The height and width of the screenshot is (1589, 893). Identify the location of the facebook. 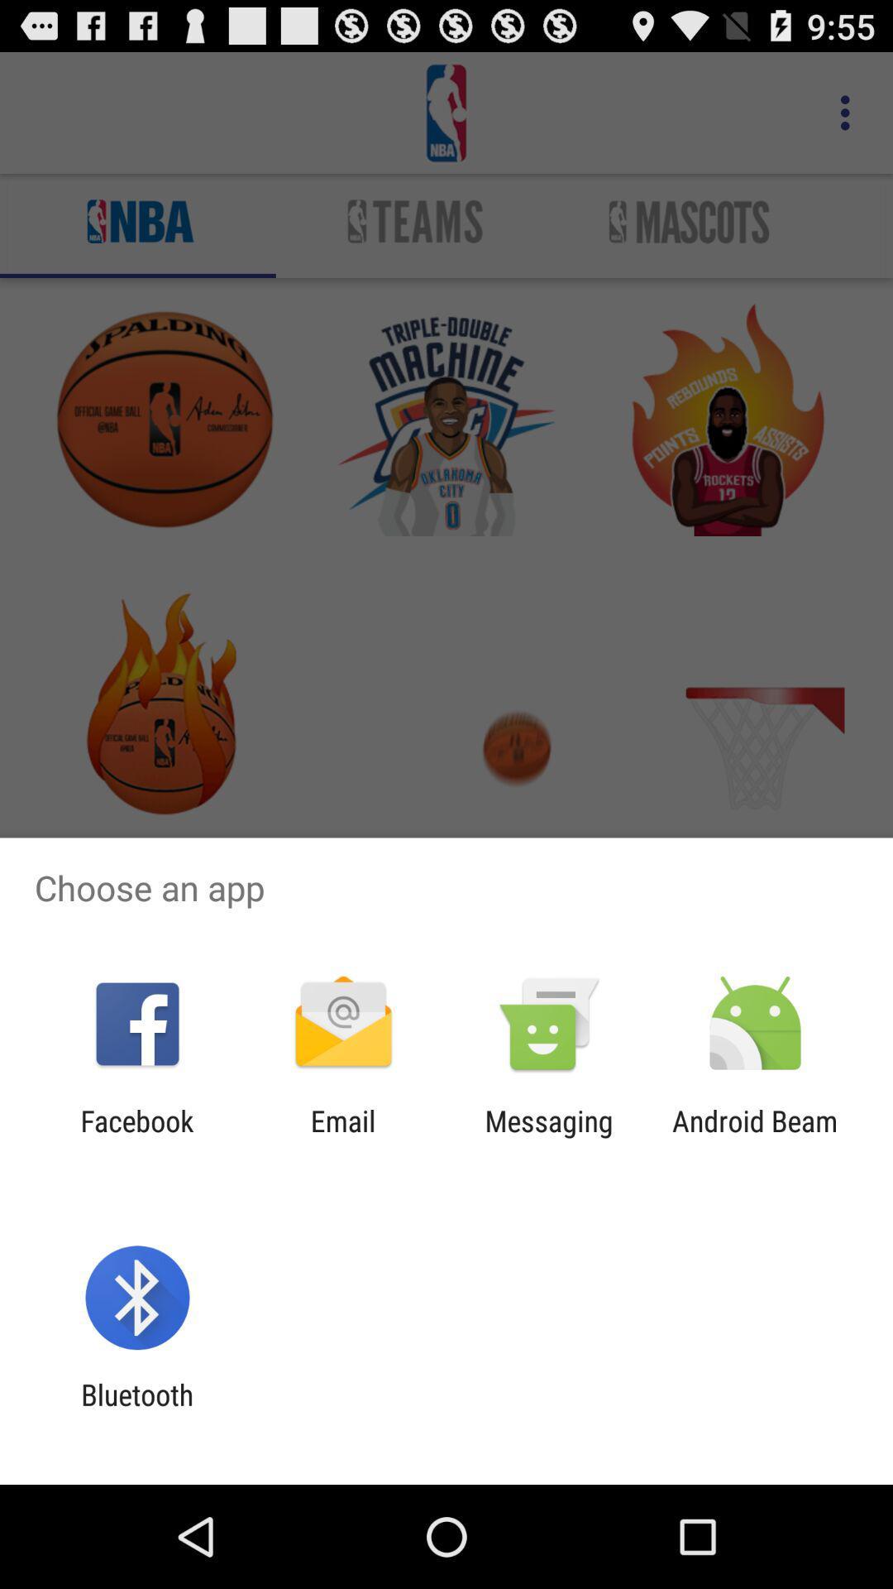
(136, 1137).